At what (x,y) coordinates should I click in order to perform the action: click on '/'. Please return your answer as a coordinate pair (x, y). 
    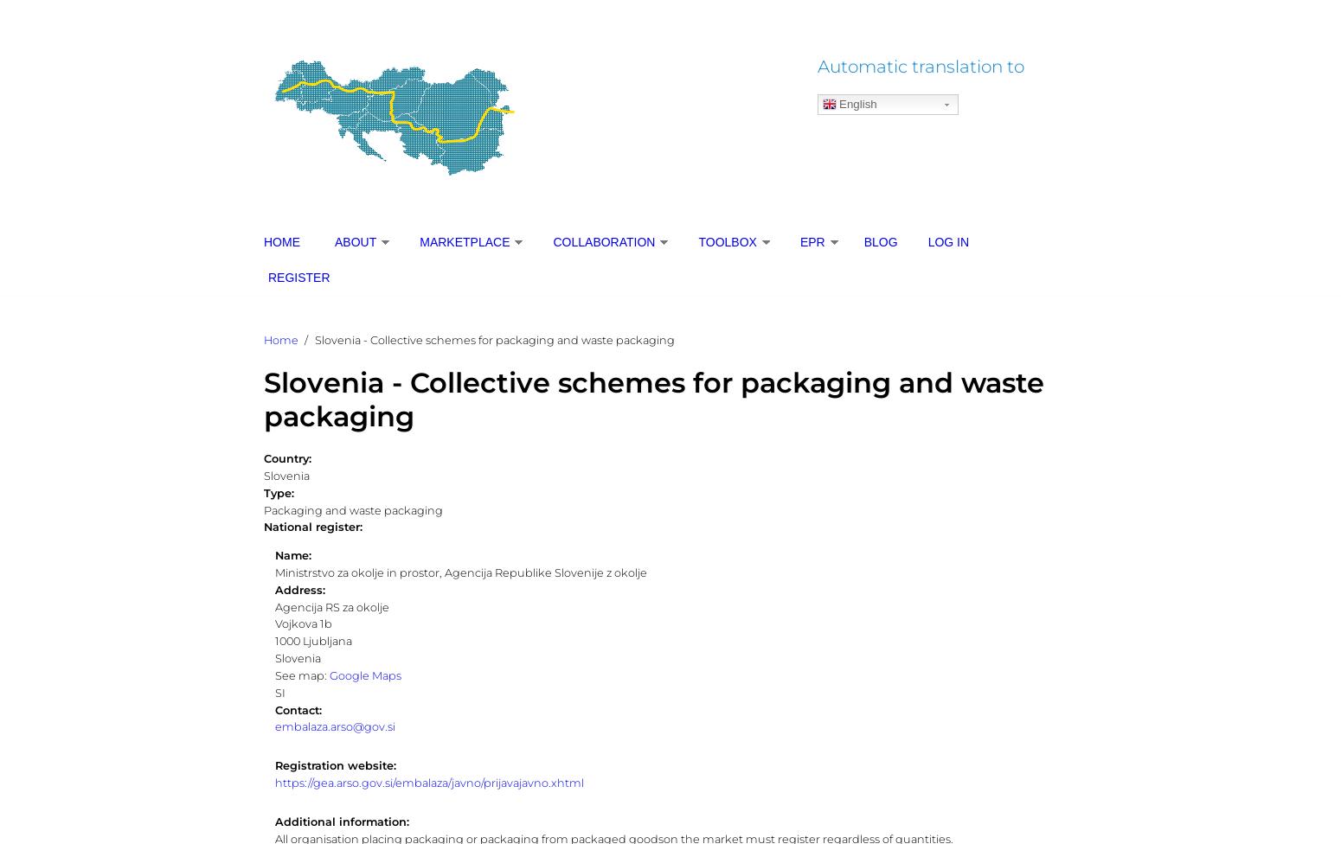
    Looking at the image, I should click on (305, 339).